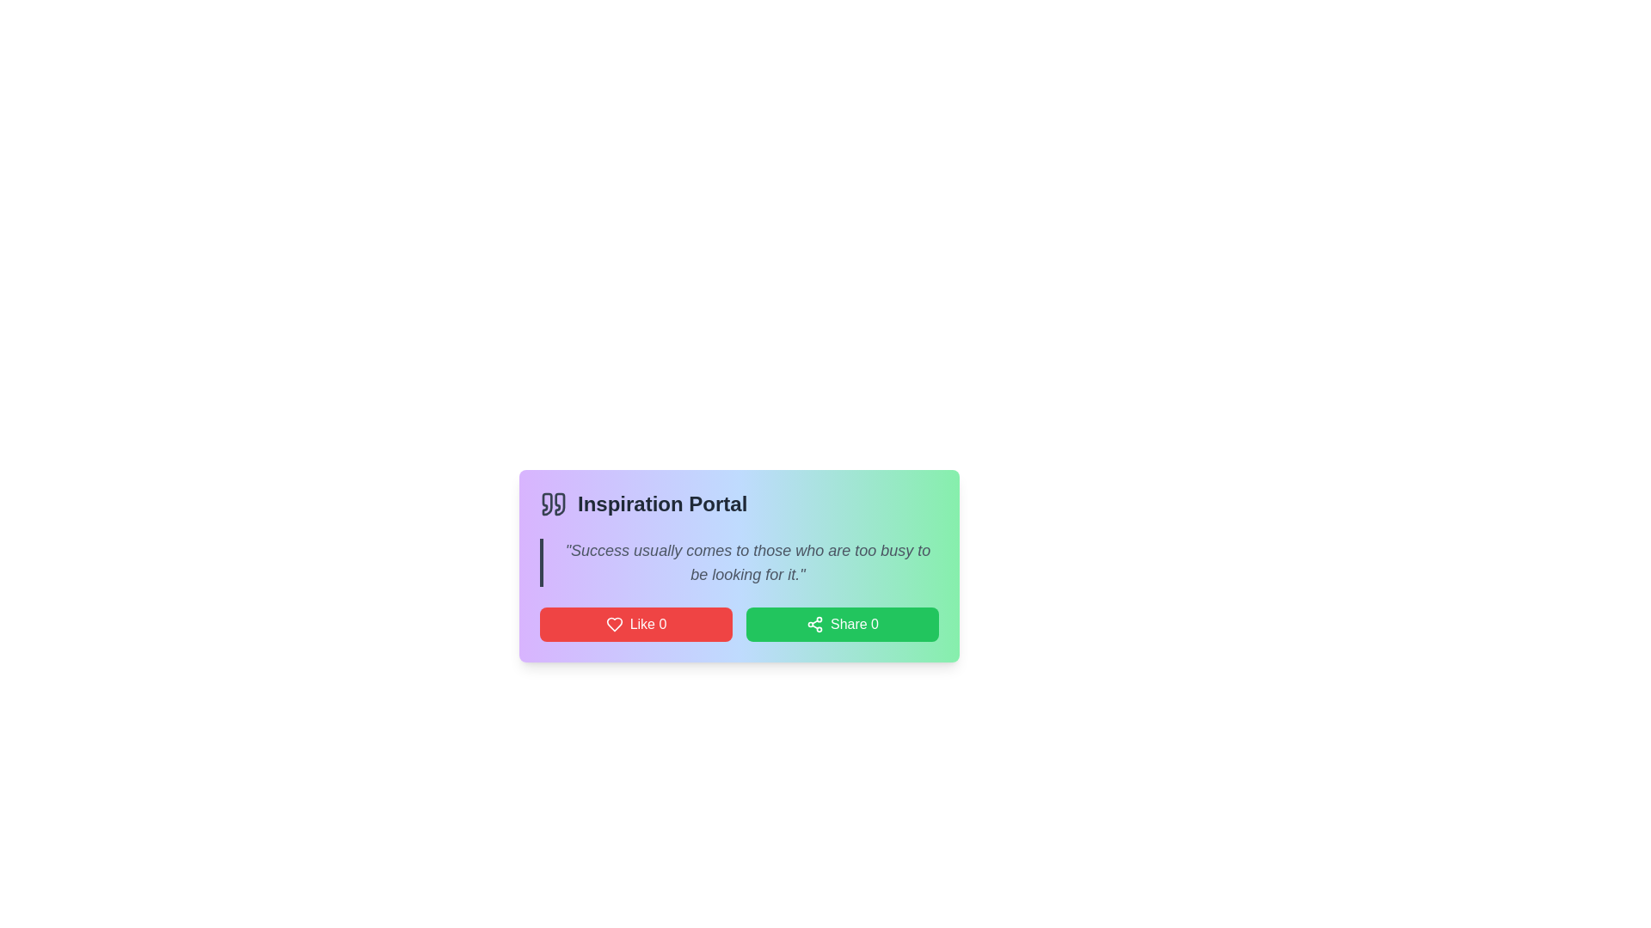 The width and height of the screenshot is (1651, 928). Describe the element at coordinates (739, 563) in the screenshot. I see `the inspirational quote text display located in the 'Inspiration Portal' section, which is positioned below the title and above the buttons labeled 'Like 0' and 'Share 0'` at that location.